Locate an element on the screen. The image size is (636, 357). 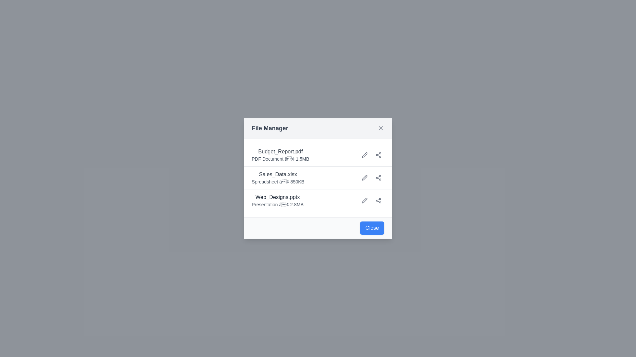
the share icon for the file named Budget_Report.pdf is located at coordinates (378, 155).